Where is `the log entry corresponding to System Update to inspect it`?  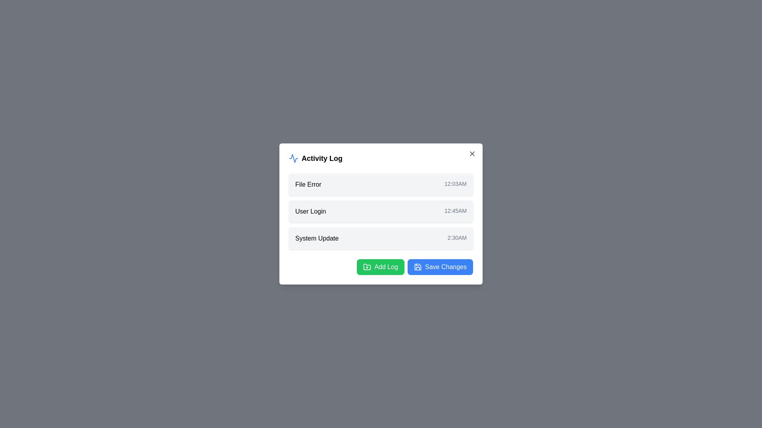 the log entry corresponding to System Update to inspect it is located at coordinates (381, 238).